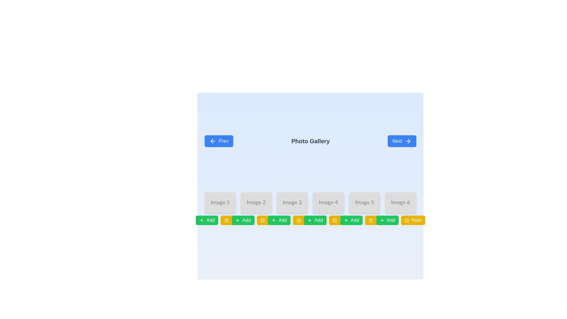 The image size is (567, 319). I want to click on the star icon located in the middle toolbar below the fifth image for rating adjustment, so click(364, 220).